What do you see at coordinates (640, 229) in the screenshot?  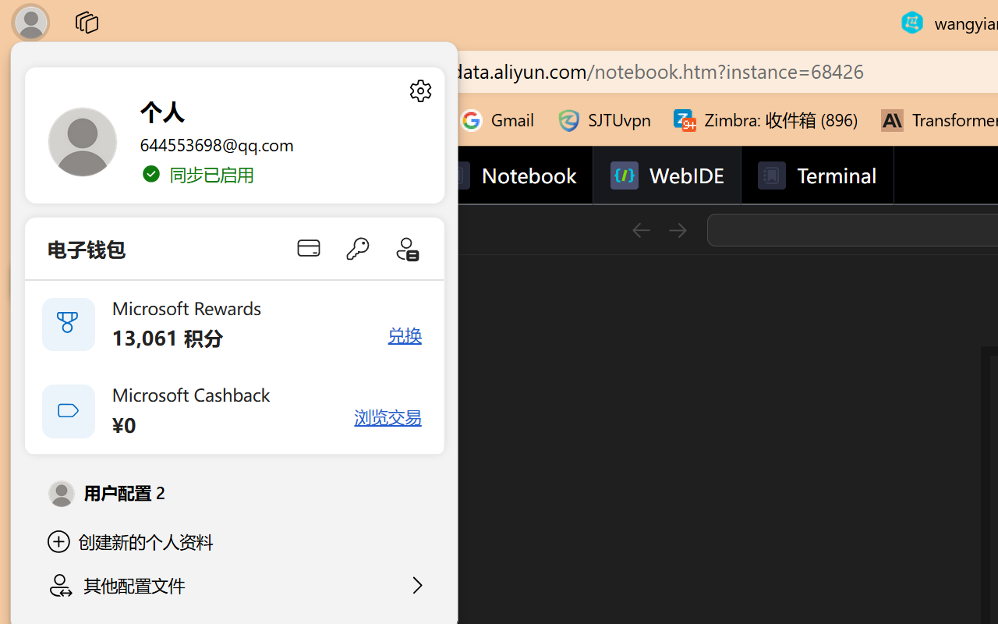 I see `'Go Back (Alt+LeftArrow)'` at bounding box center [640, 229].